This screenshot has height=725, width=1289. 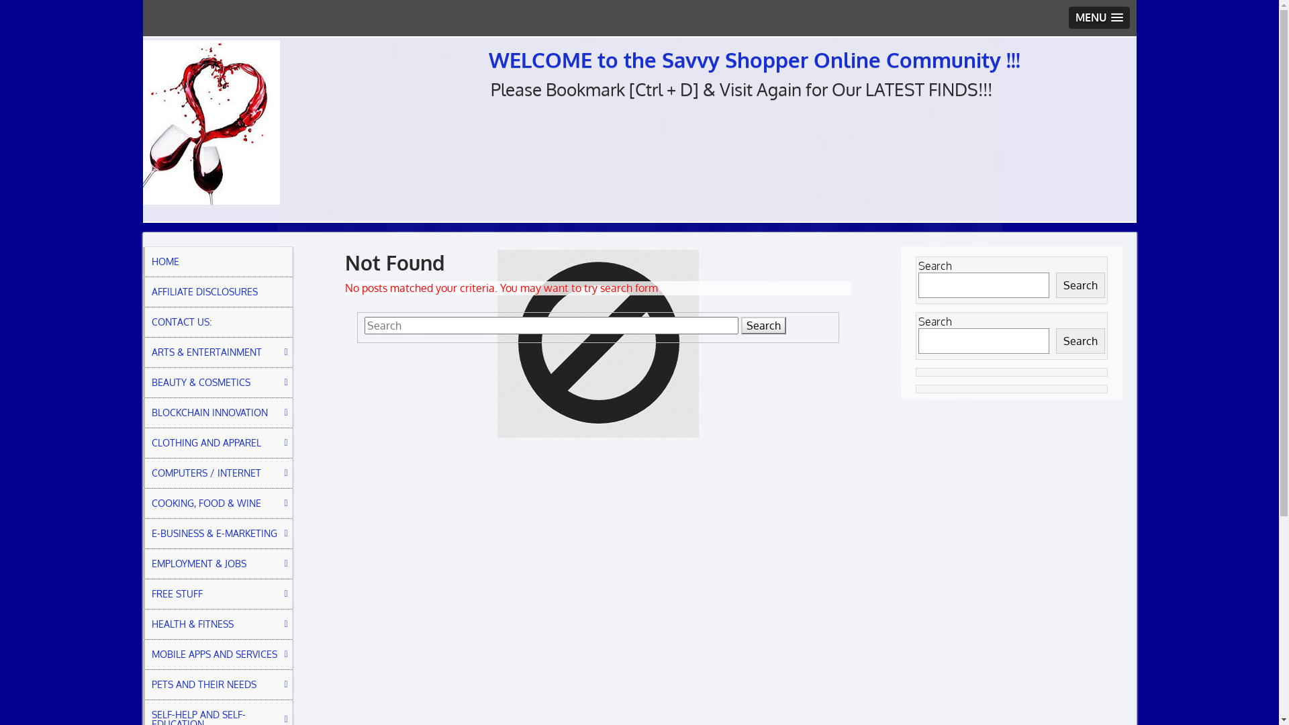 I want to click on 'WELCOME to the Savvy Shopper Online Community !!!', so click(x=754, y=58).